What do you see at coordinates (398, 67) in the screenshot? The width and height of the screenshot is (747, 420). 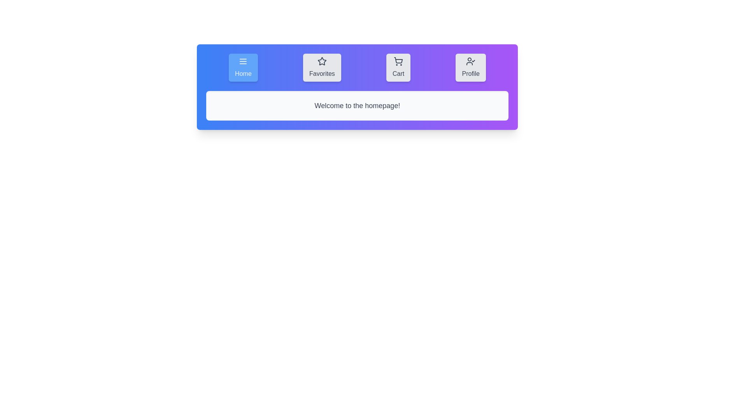 I see `the 'Cart' button, which is a rounded rectangular button with a light gray background and a shopping cart icon above the text 'Cart', located centrally in a group of buttons` at bounding box center [398, 67].